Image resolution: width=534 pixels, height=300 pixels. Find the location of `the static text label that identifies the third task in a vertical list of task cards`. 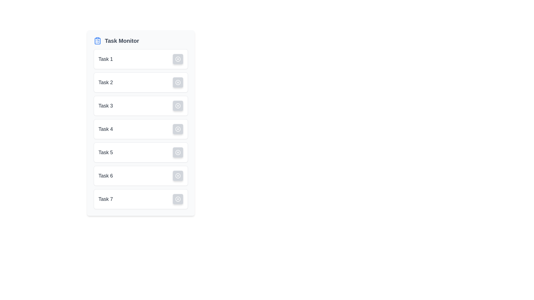

the static text label that identifies the third task in a vertical list of task cards is located at coordinates (105, 106).